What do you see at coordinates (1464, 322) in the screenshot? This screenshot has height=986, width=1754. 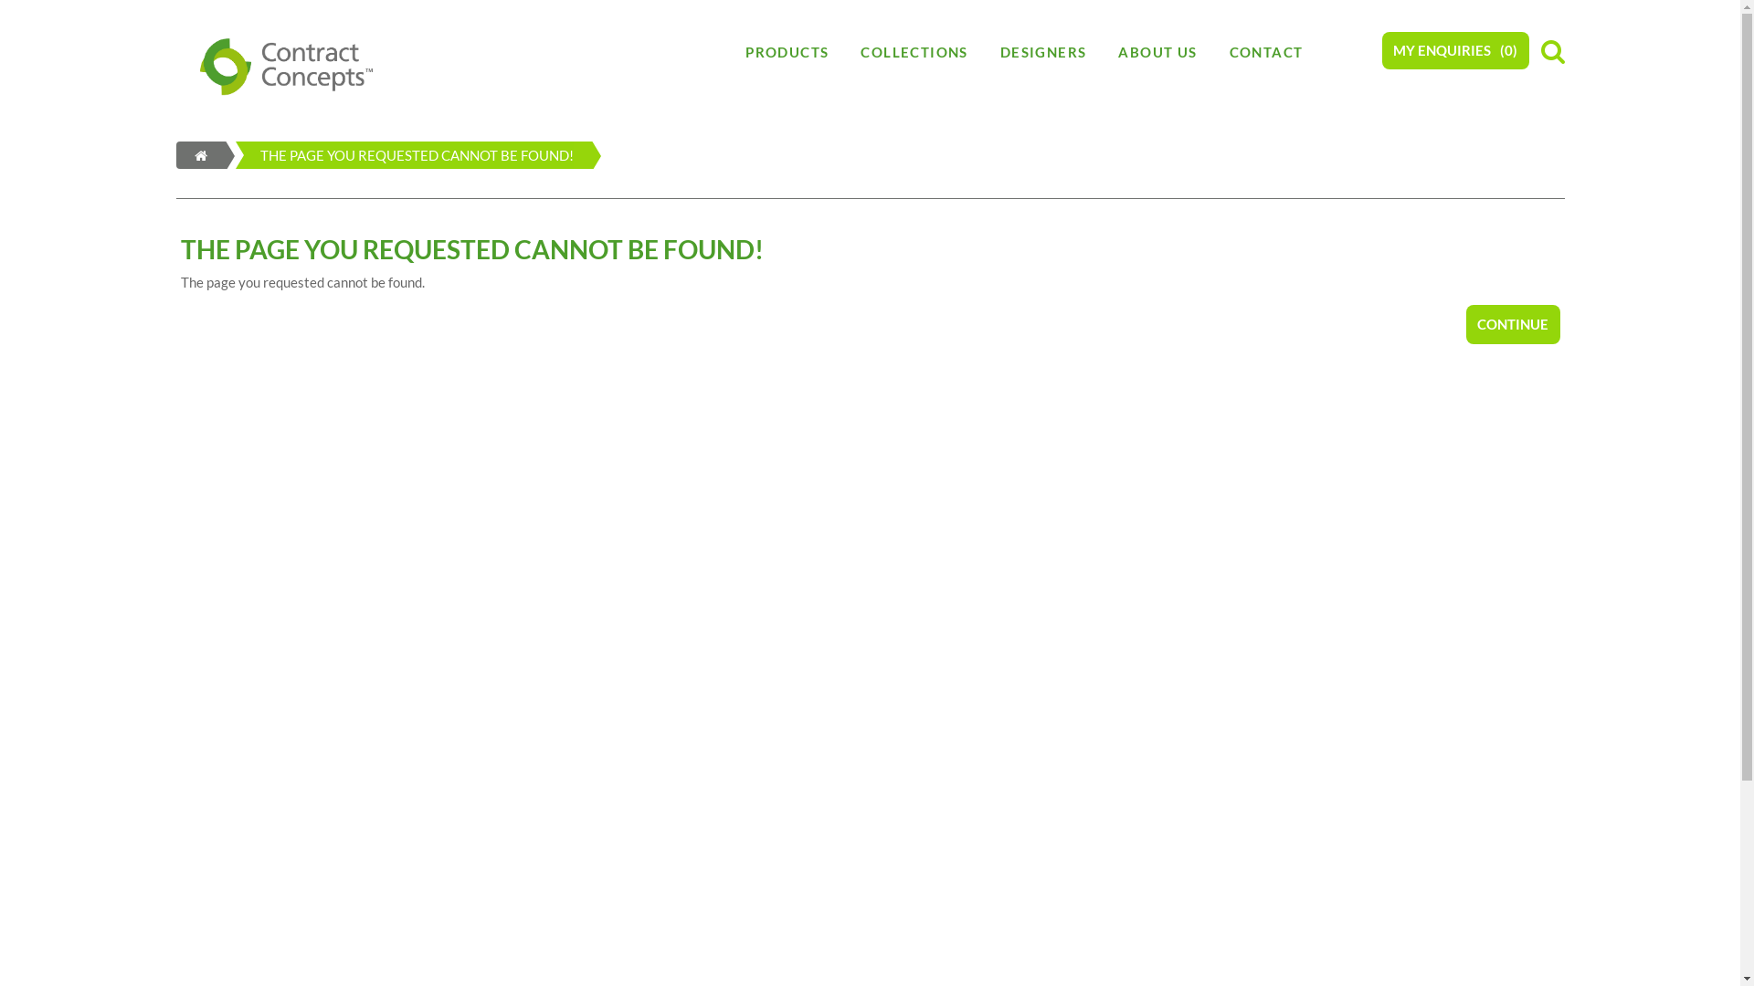 I see `'CONTINUE'` at bounding box center [1464, 322].